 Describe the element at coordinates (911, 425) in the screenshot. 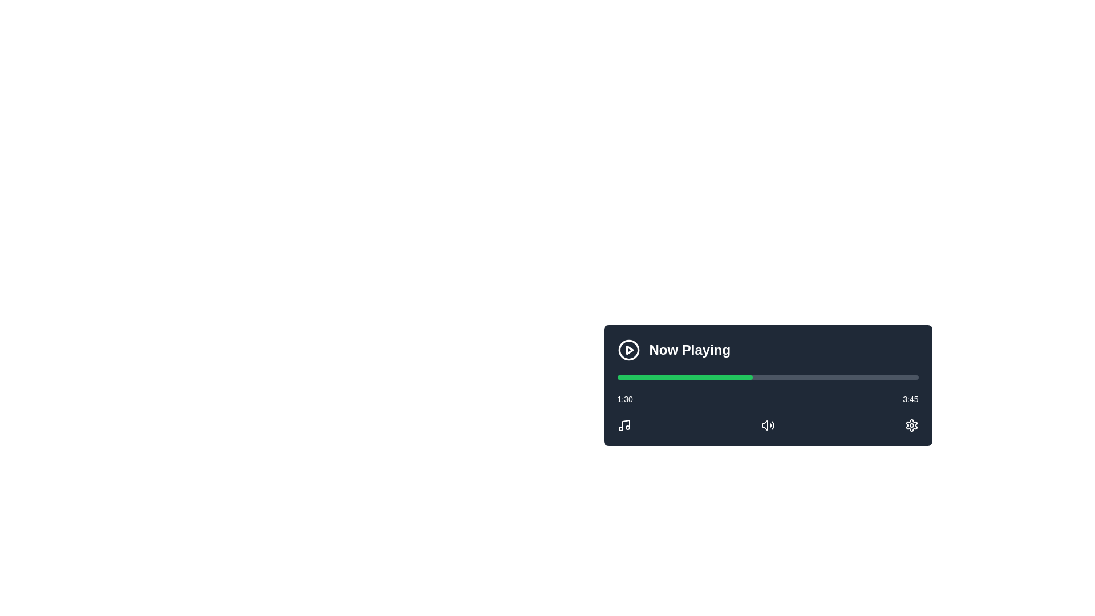

I see `the settings icon button located at the far-right side of the horizontal icon set` at that location.